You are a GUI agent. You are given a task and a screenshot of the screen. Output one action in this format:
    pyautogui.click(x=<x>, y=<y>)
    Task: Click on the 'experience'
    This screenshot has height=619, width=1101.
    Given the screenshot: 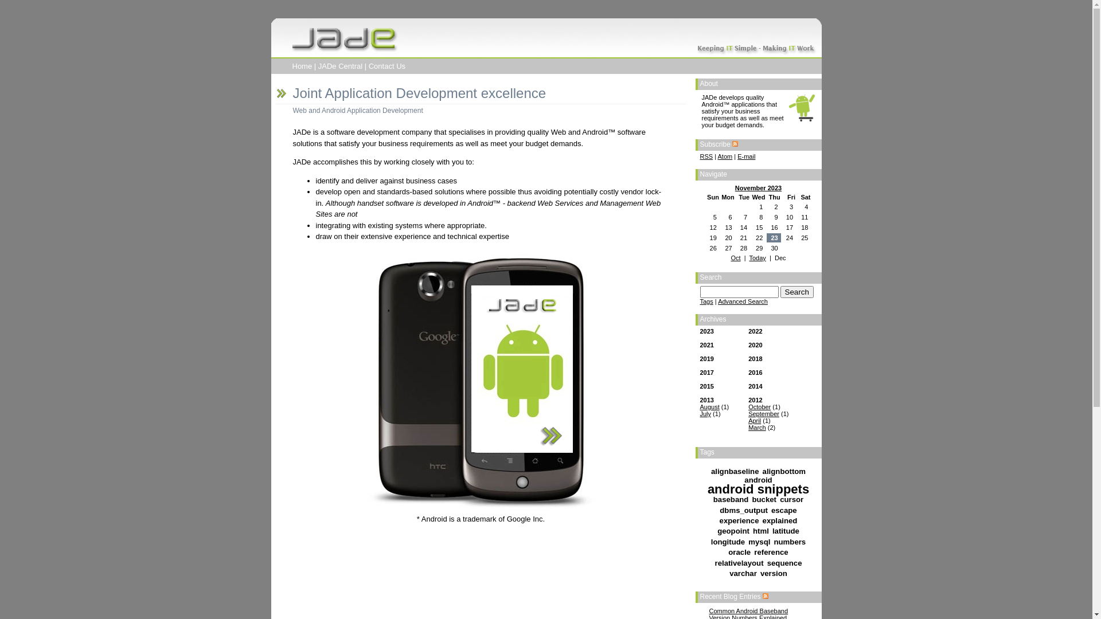 What is the action you would take?
    pyautogui.click(x=719, y=520)
    